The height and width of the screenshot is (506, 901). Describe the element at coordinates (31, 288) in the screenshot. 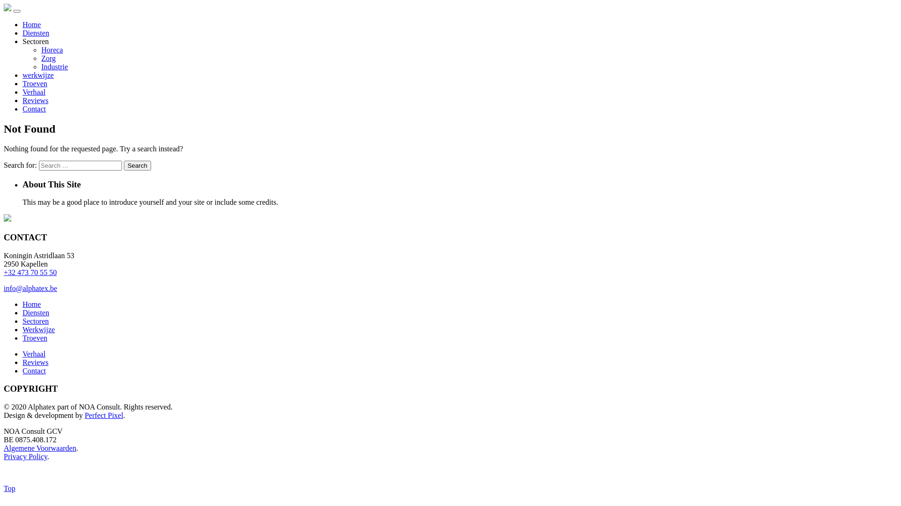

I see `'info@alphatex.be'` at that location.